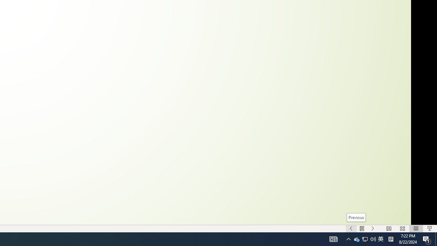 The height and width of the screenshot is (246, 437). I want to click on 'Slide Show Previous On', so click(351, 229).